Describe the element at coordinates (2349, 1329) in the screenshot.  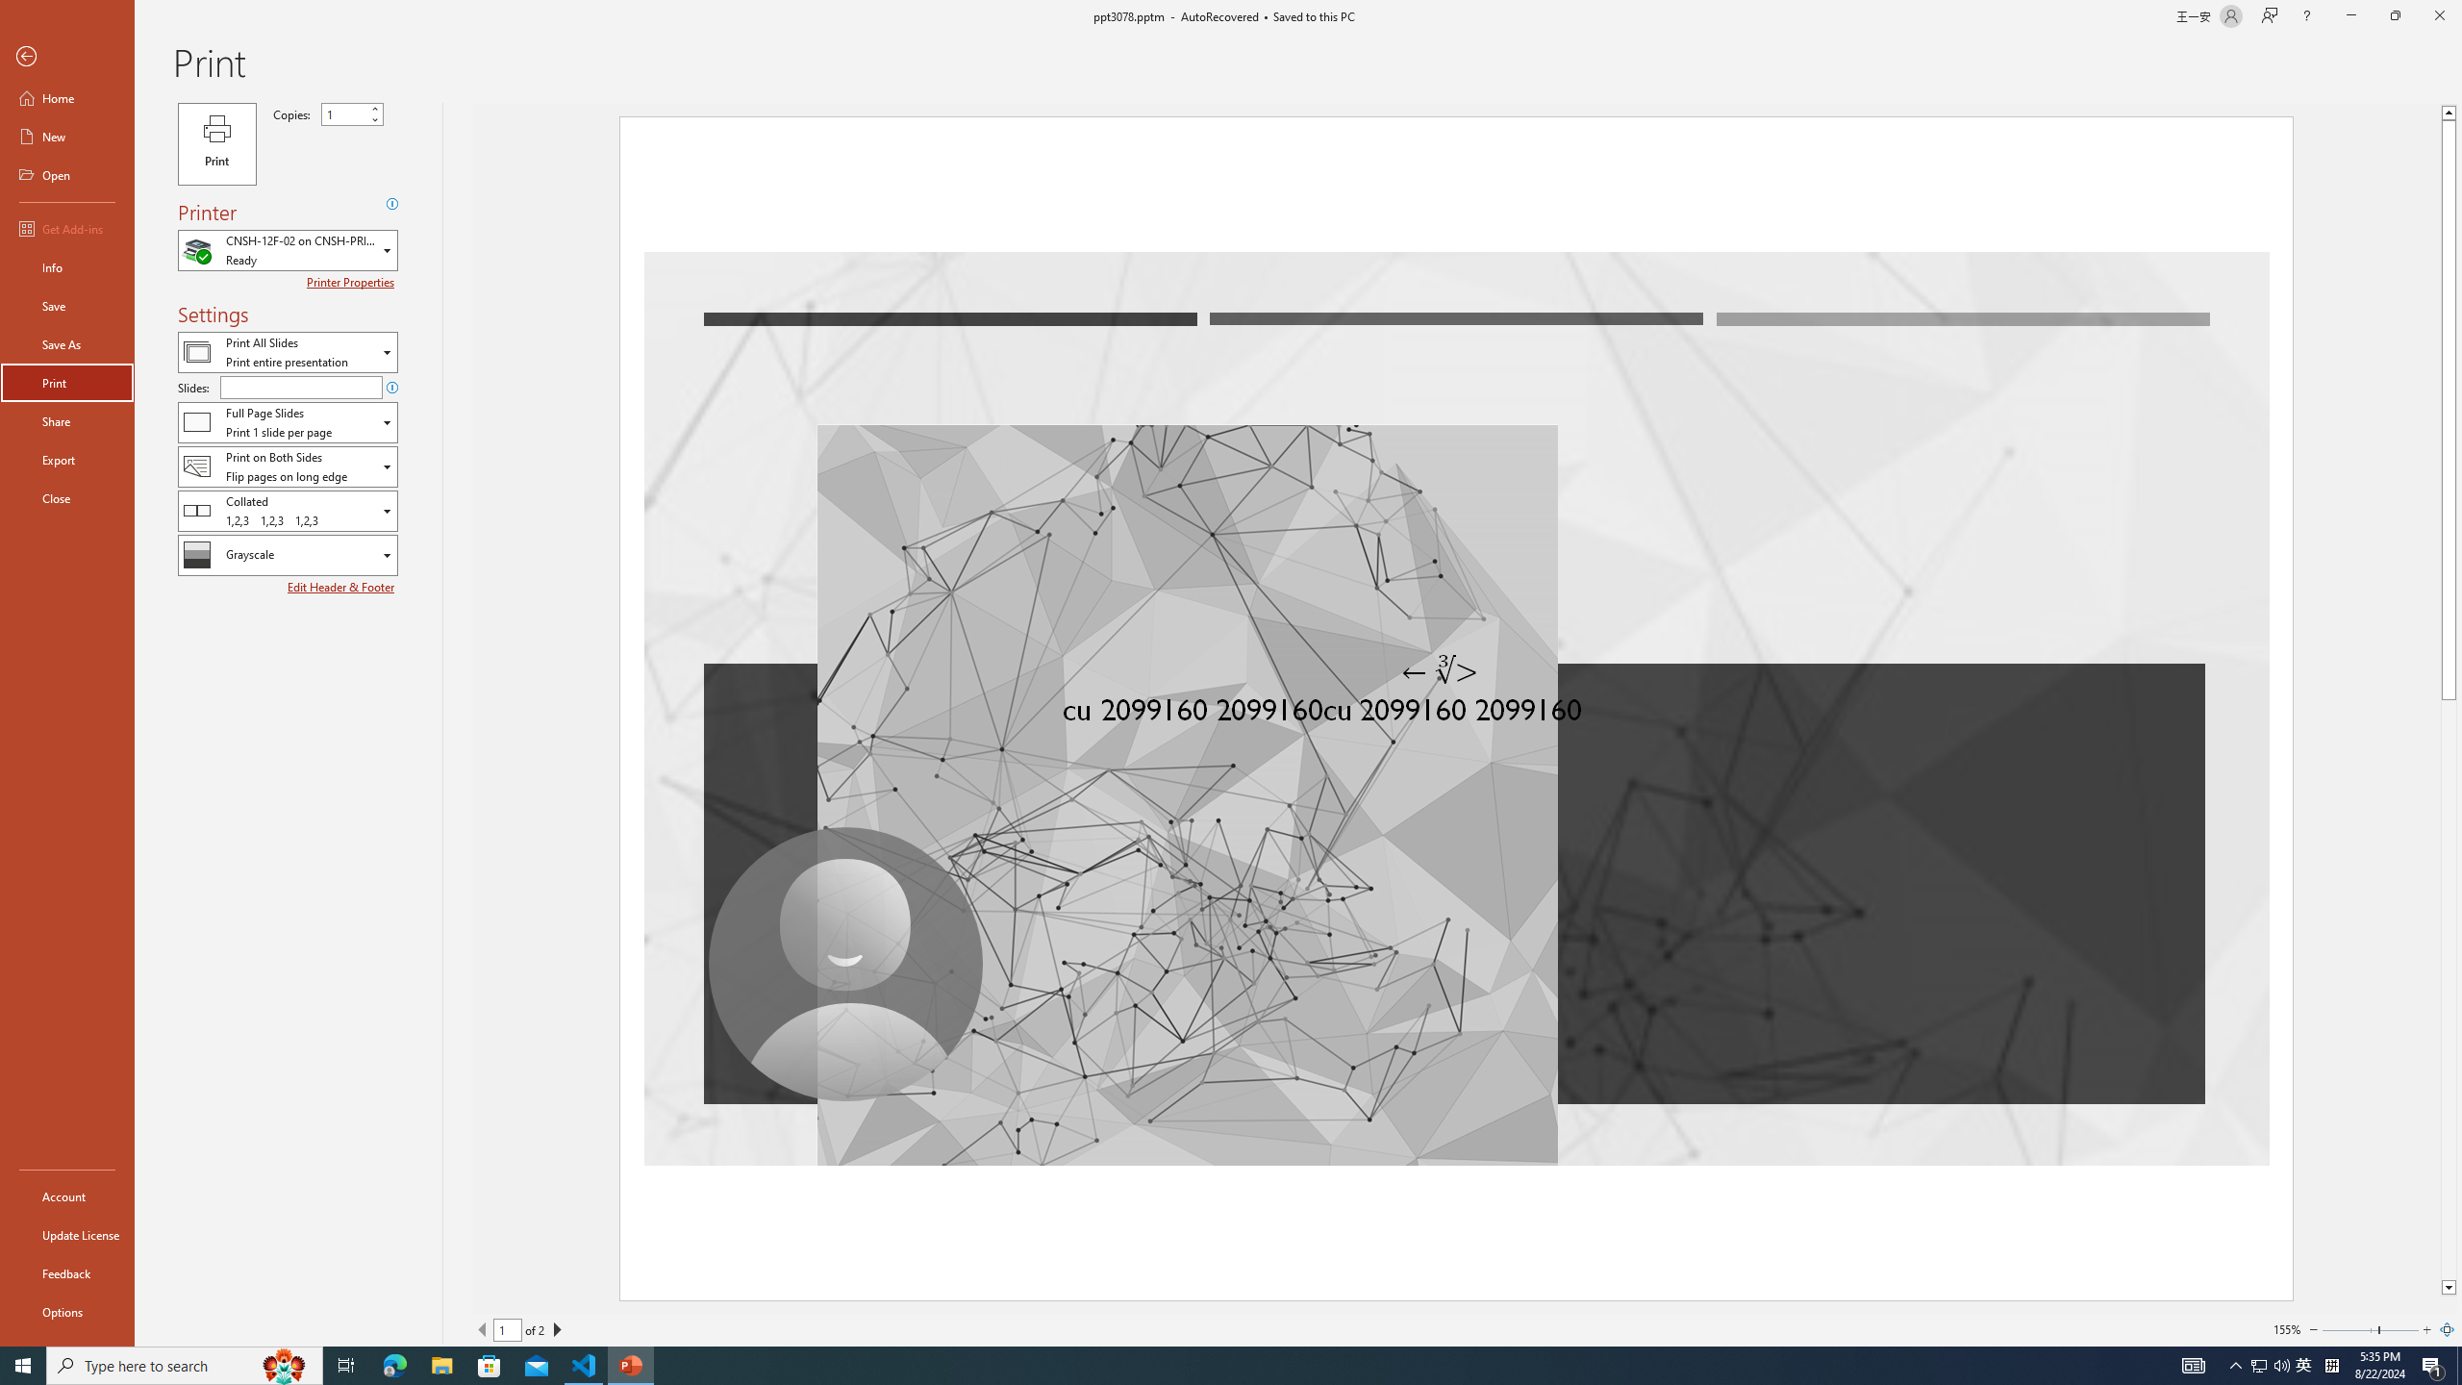
I see `'Page left'` at that location.